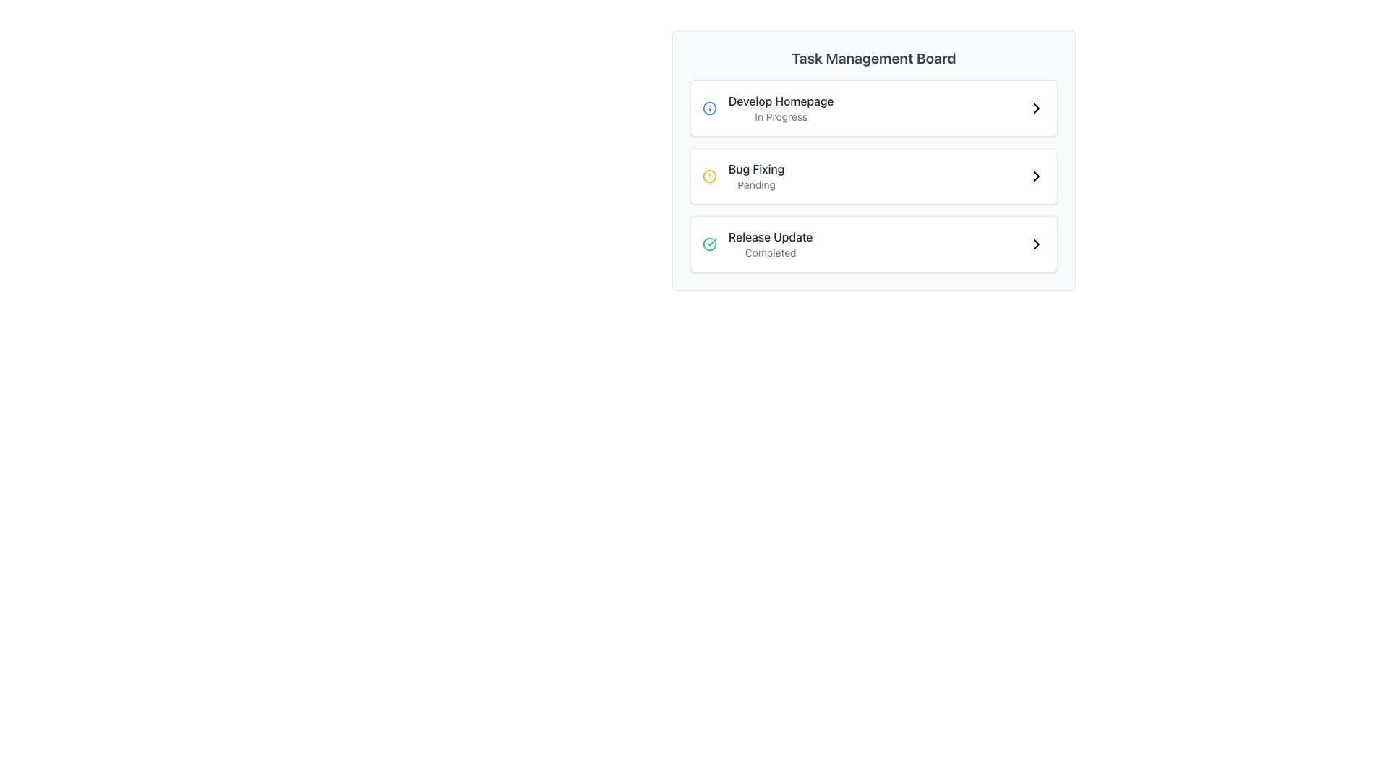 This screenshot has height=781, width=1388. I want to click on the Chevron icon used as a navigation button located to the far right of the 'Bug Fixing - Pending' task entry in the Task Management Board, so click(1036, 175).